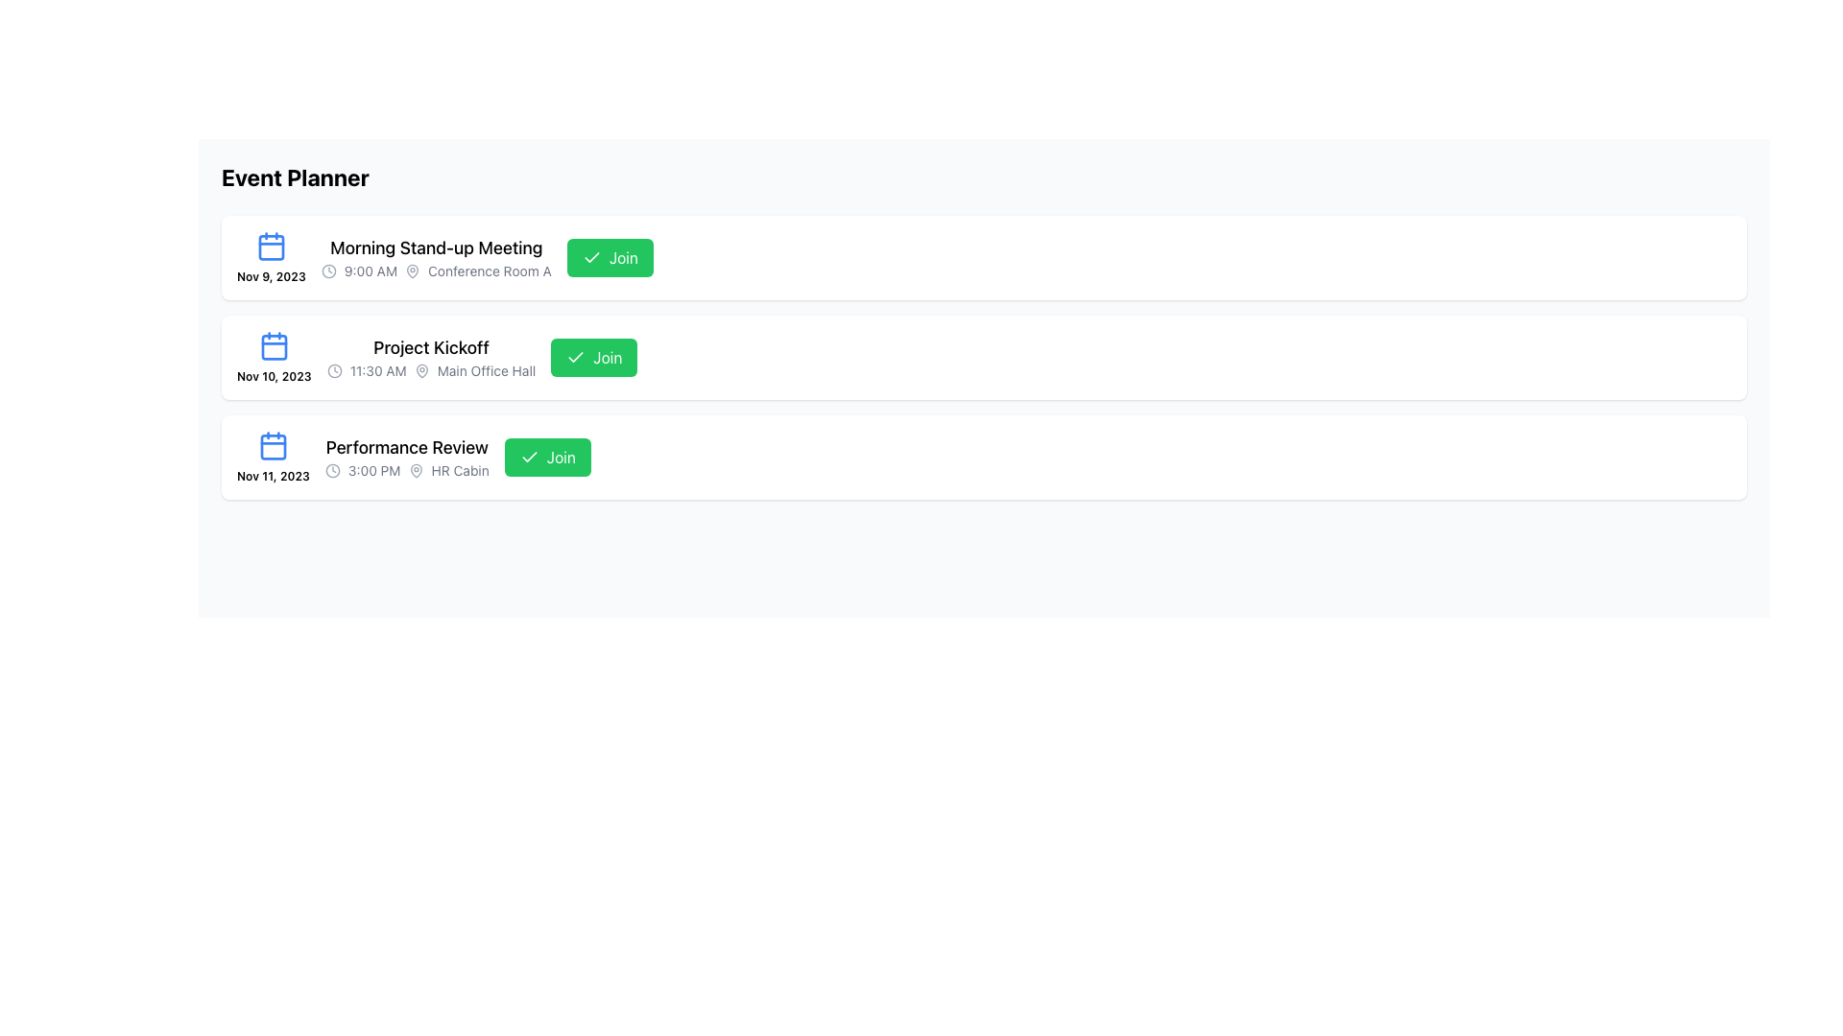  Describe the element at coordinates (294, 177) in the screenshot. I see `text of the element displaying 'Event Planner' in a bold, black font at the top-left corner of the main content area` at that location.